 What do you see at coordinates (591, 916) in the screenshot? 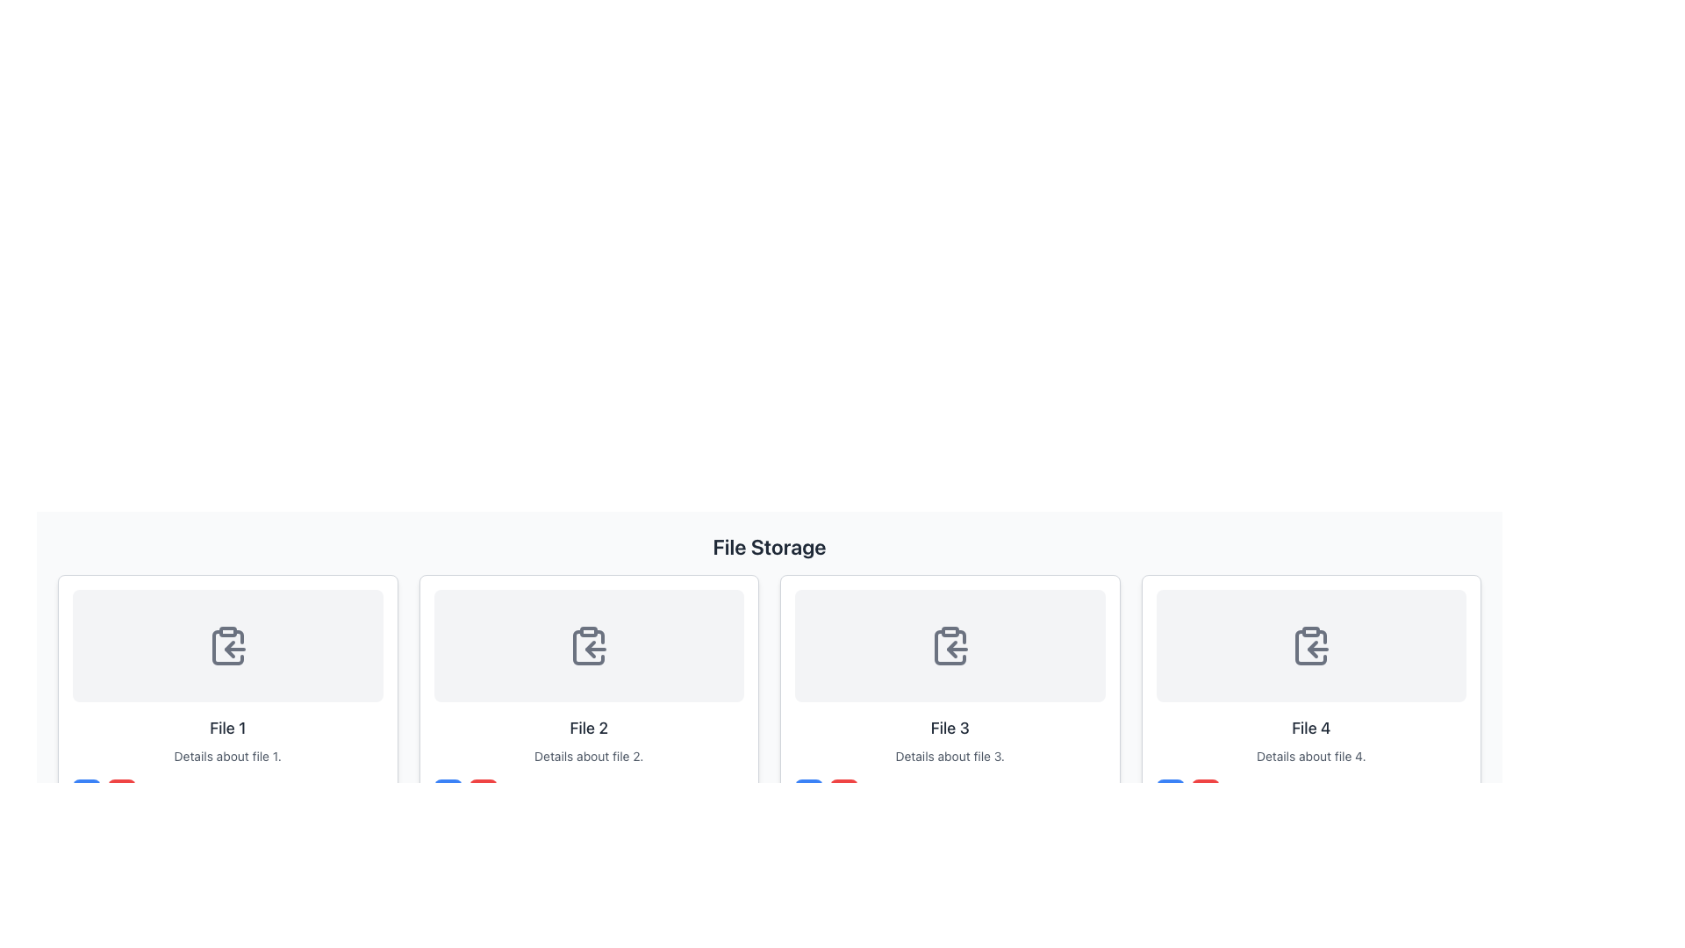
I see `the visual representation of the Graphic Icon associated with clipboard actions, located below the main clipboard body within the 'File 2' grid item` at bounding box center [591, 916].